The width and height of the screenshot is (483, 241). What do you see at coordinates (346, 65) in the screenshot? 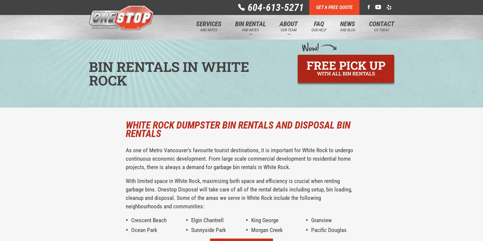
I see `'Free pick up'` at bounding box center [346, 65].